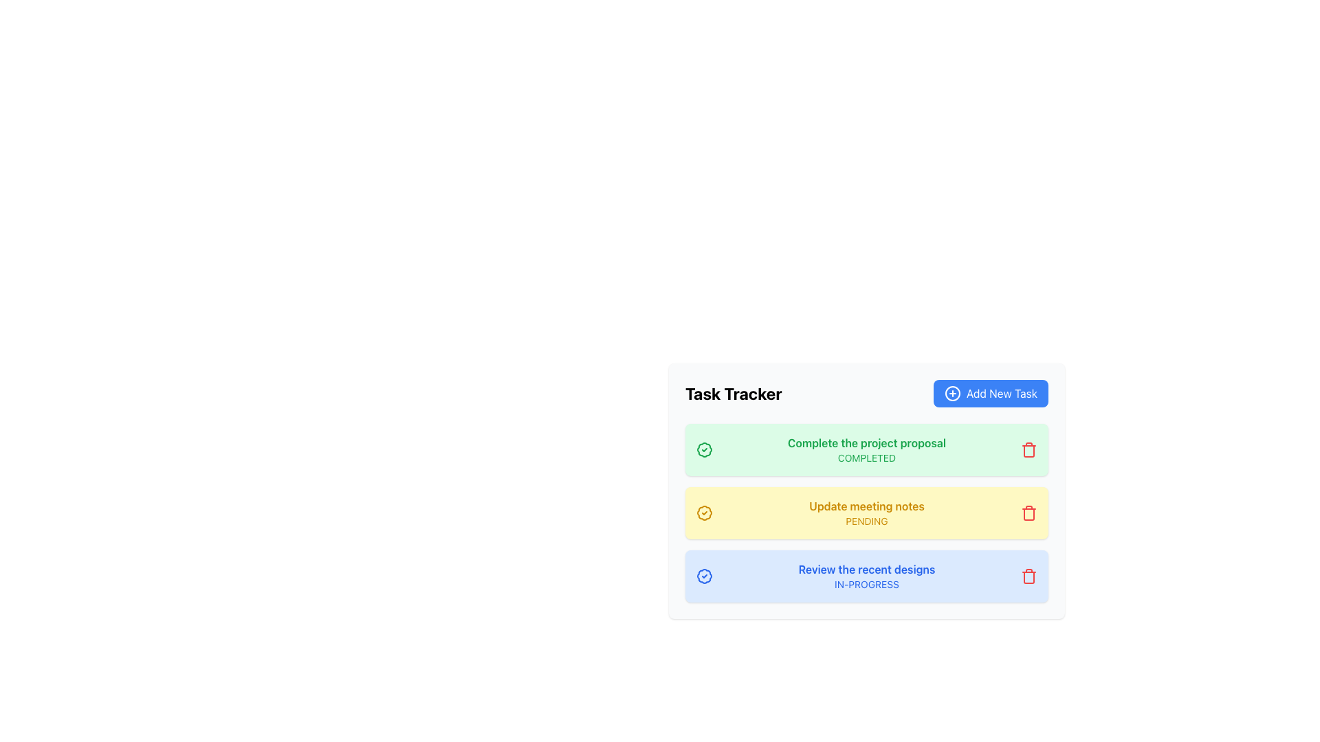  What do you see at coordinates (866, 450) in the screenshot?
I see `text content of the Task card indicating the completion of the task 'Complete the project proposal', which is visually distinct with a light green background in the Task Tracker interface` at bounding box center [866, 450].